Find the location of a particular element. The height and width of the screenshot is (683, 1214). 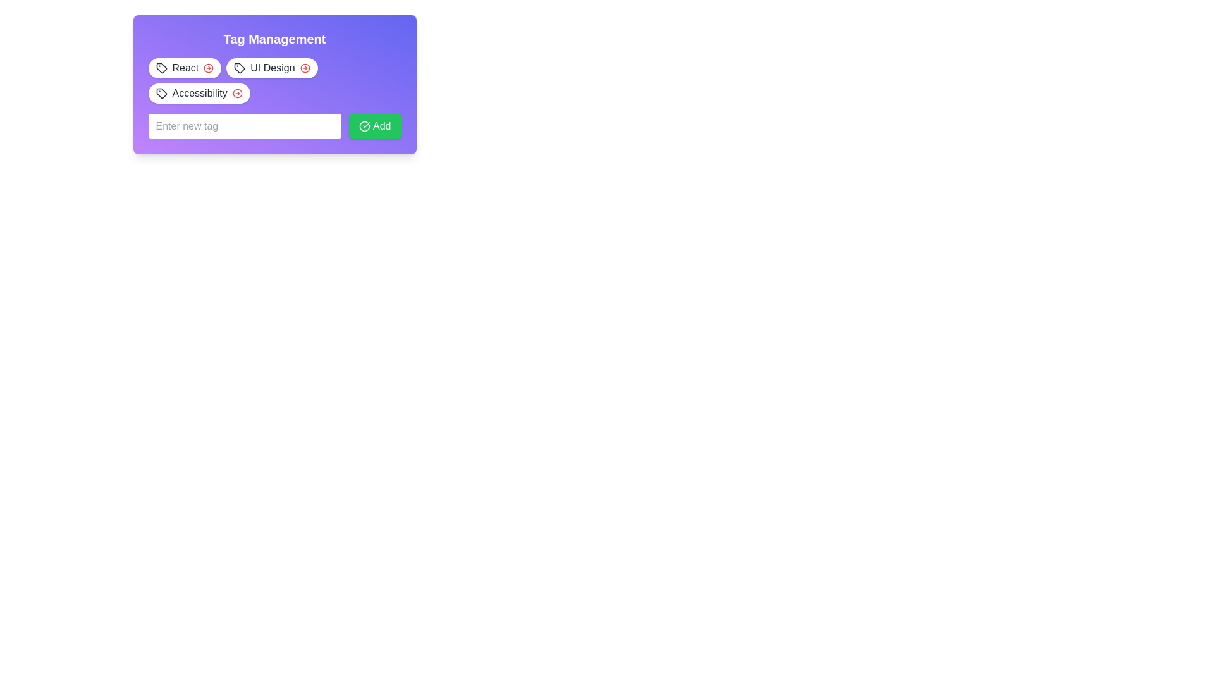

text label of the third tag in the horizontal list under the 'Tag Management' header, which is located to the right of the 'UI Design' tag is located at coordinates (199, 92).